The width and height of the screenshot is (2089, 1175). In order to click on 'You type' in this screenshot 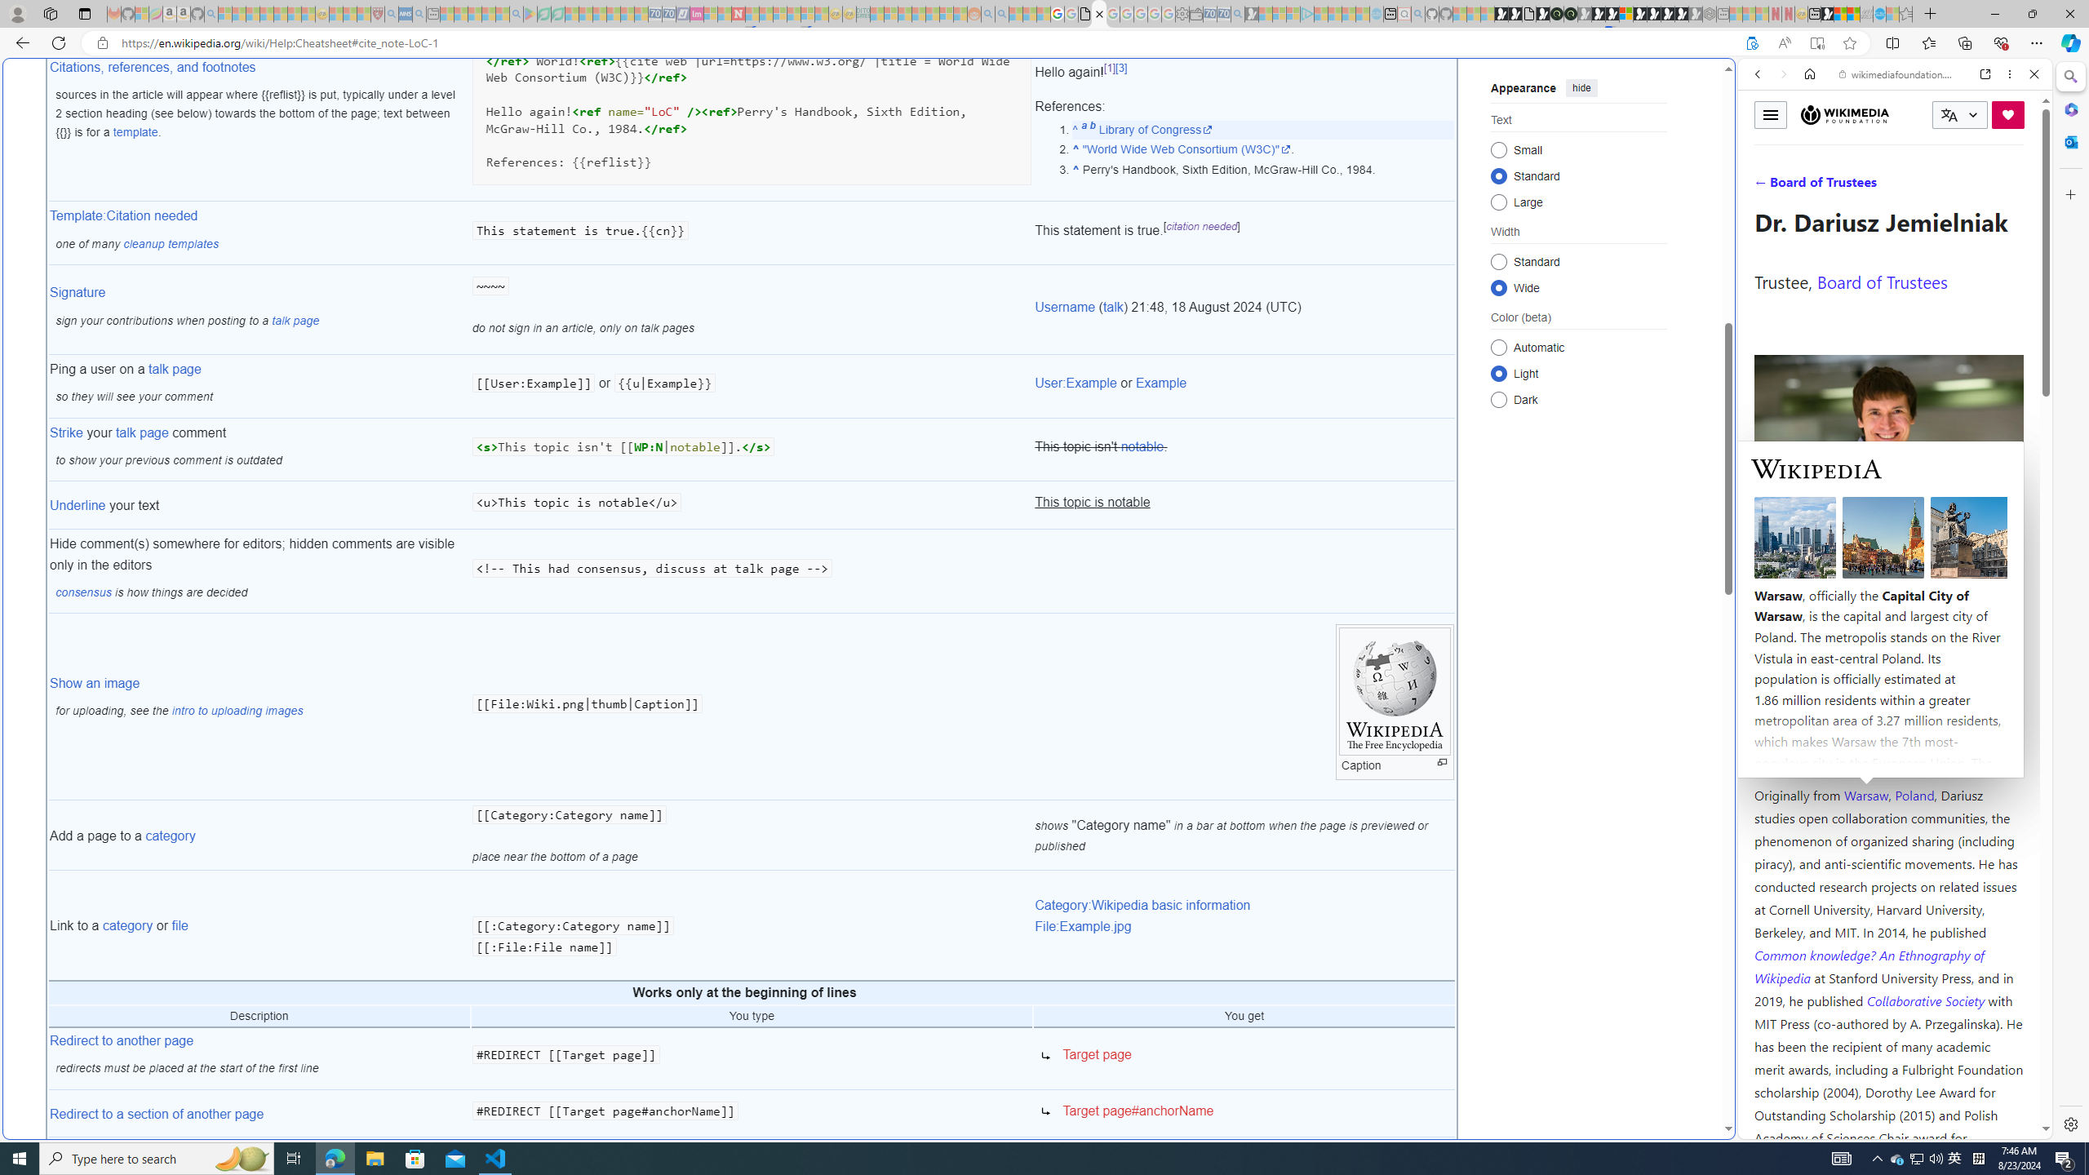, I will do `click(752, 1016)`.